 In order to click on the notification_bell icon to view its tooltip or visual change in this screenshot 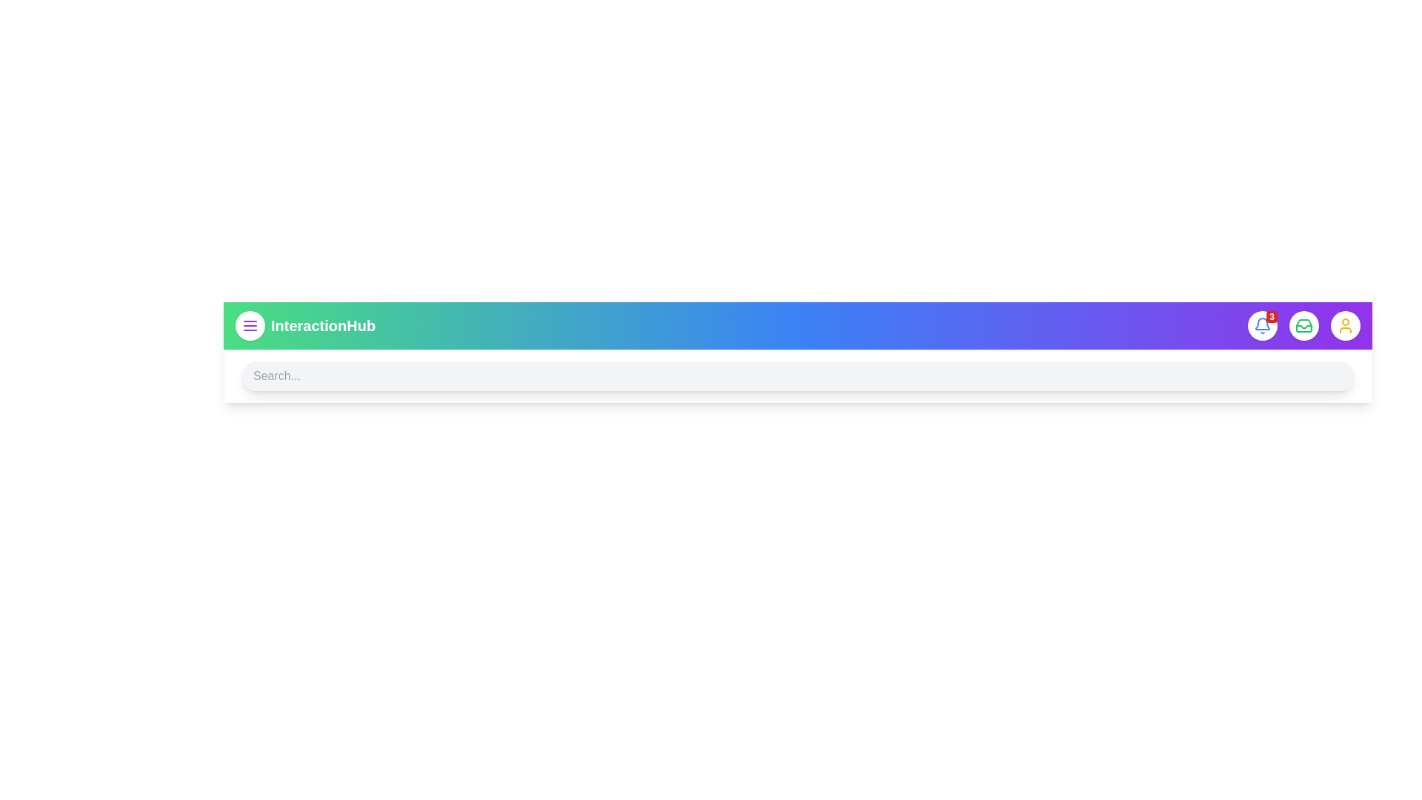, I will do `click(1261, 324)`.